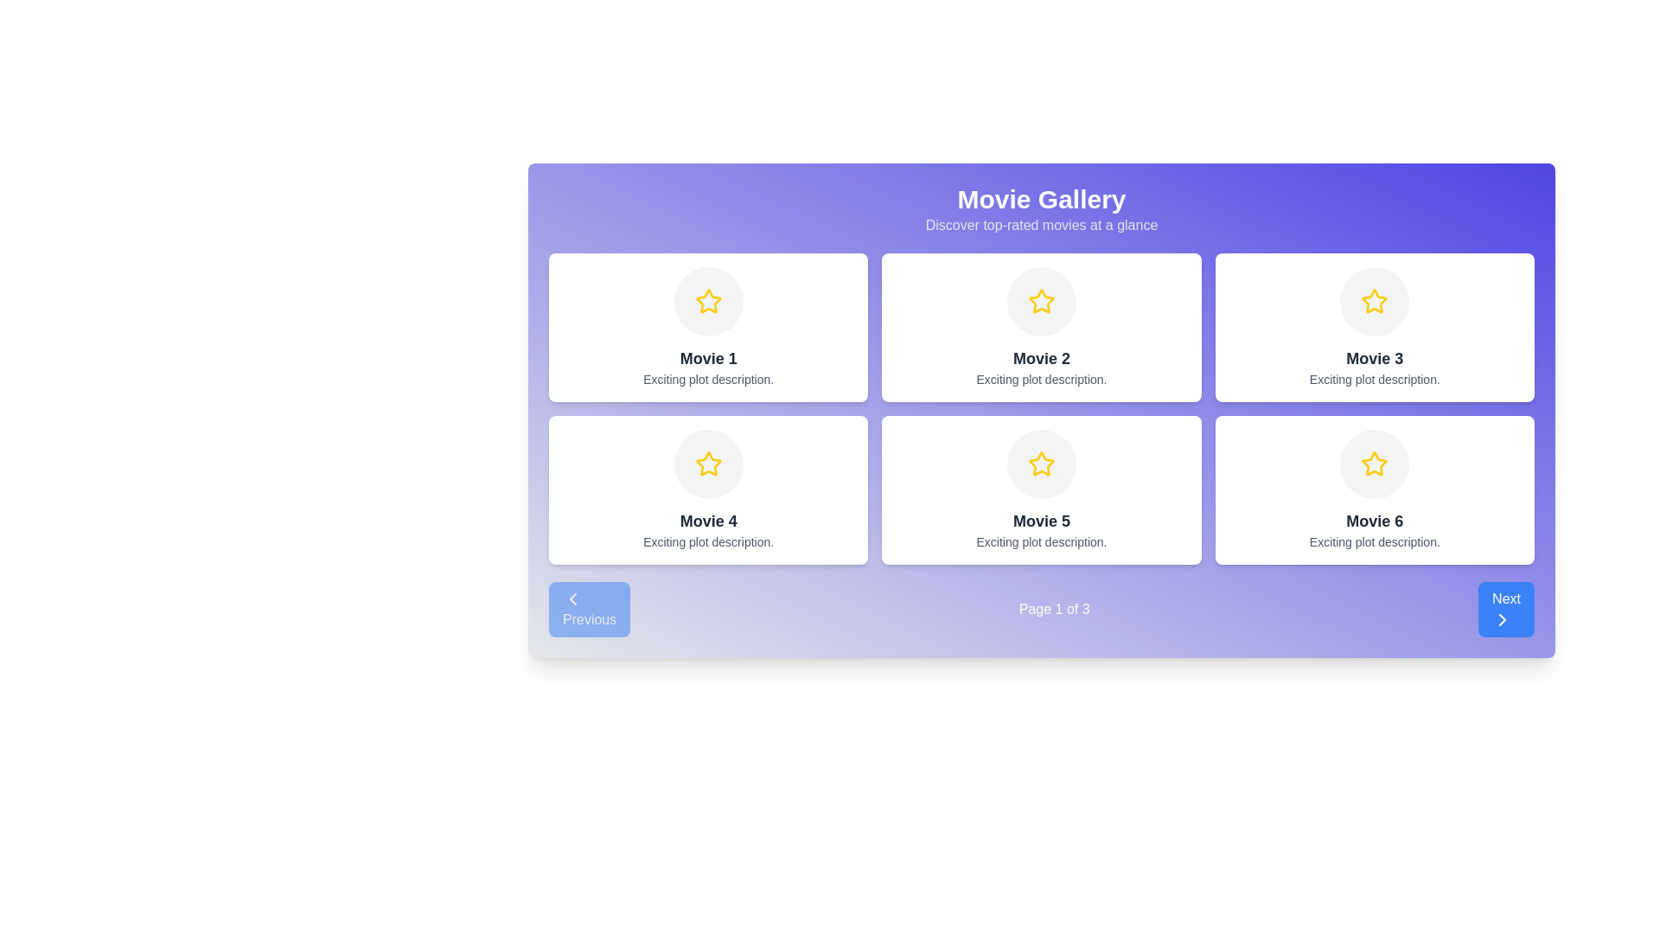  I want to click on the text label displaying 'Exciting plot description.' in a small, gray-colored font located beneath the title 'Movie 6' in the sixth card of the grid, so click(1374, 541).